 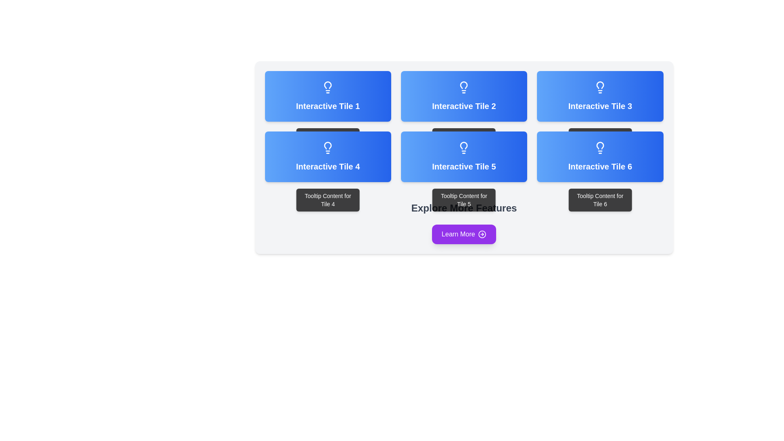 What do you see at coordinates (482, 234) in the screenshot?
I see `the circular icon with a right-pointing arrow, styled in white with a purple background, located to the right of the 'Learn More' button text` at bounding box center [482, 234].